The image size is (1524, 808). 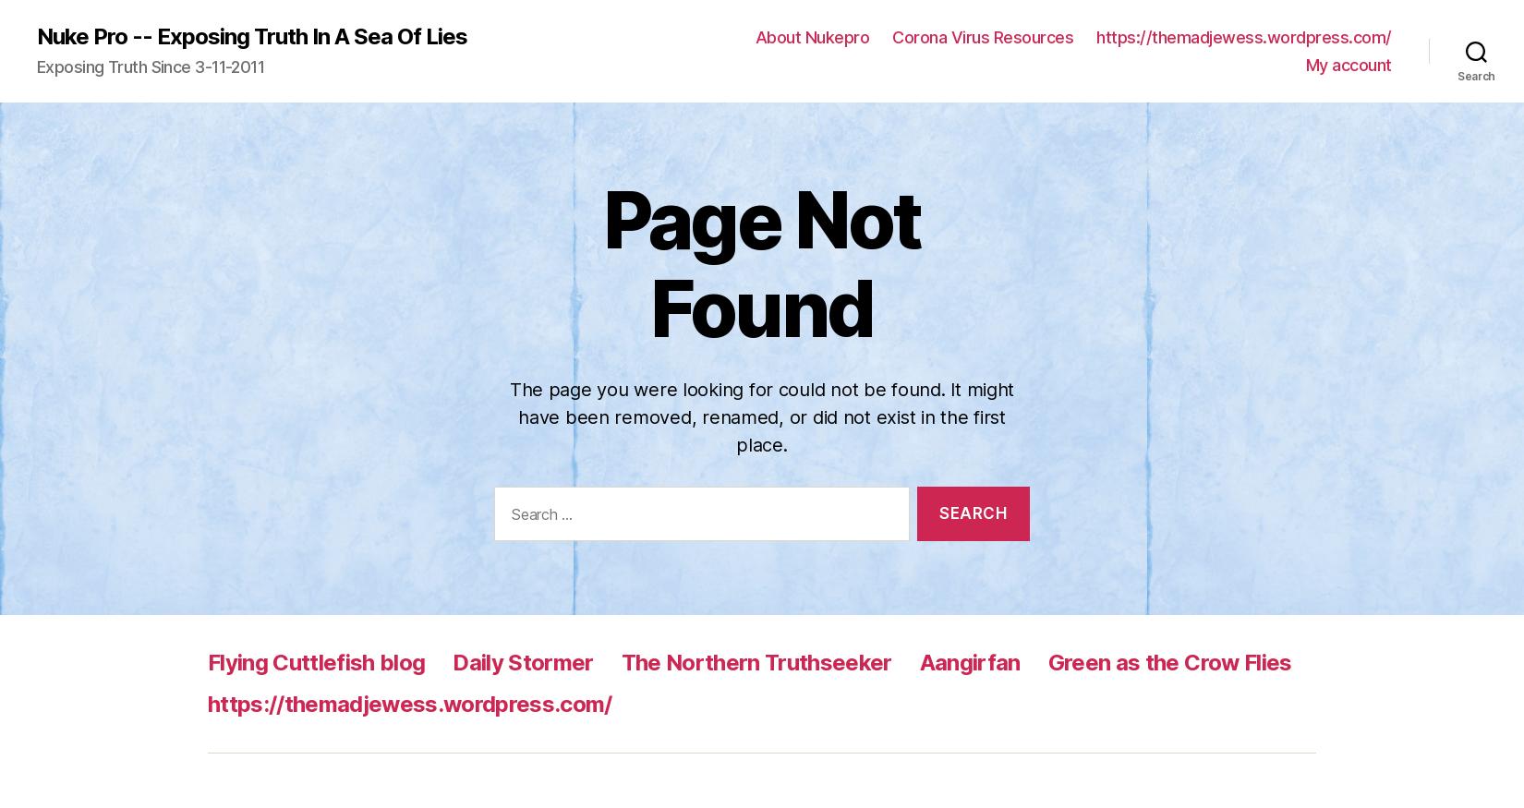 I want to click on 'The Northern Truthseeker', so click(x=755, y=99).